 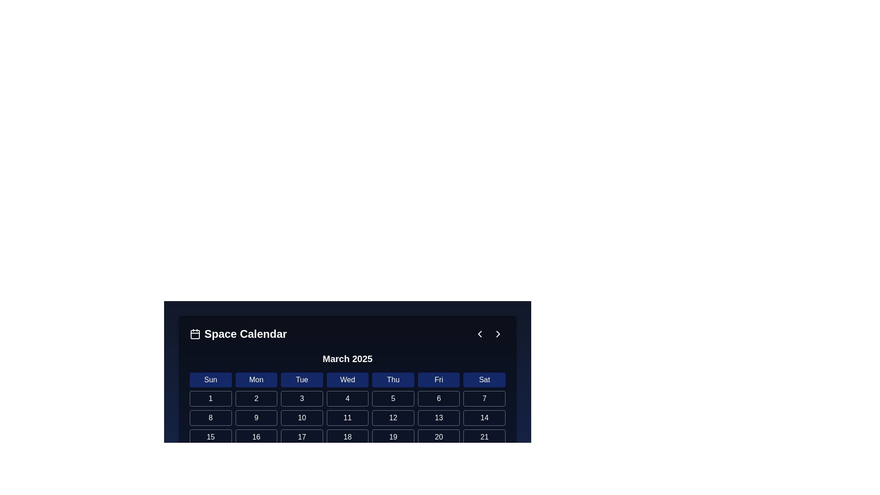 What do you see at coordinates (256, 398) in the screenshot?
I see `the calendar button representing the date in the second column under 'Mon'` at bounding box center [256, 398].